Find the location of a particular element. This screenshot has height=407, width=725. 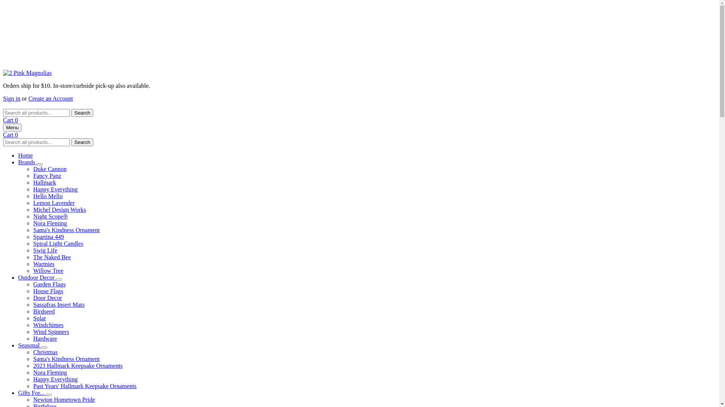

'Search' is located at coordinates (71, 142).